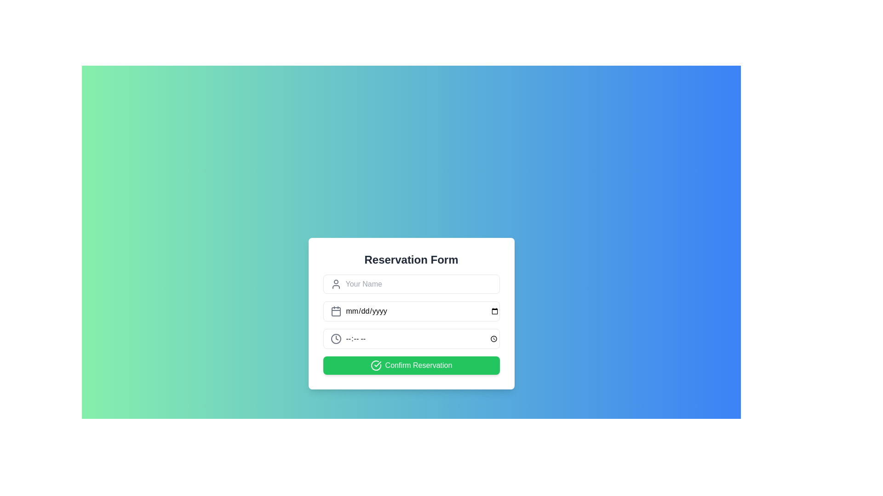  Describe the element at coordinates (376, 365) in the screenshot. I see `circular icon with a check mark inside, which is located on the left side of the 'Confirm Reservation' button, outlined in white on a green background` at that location.